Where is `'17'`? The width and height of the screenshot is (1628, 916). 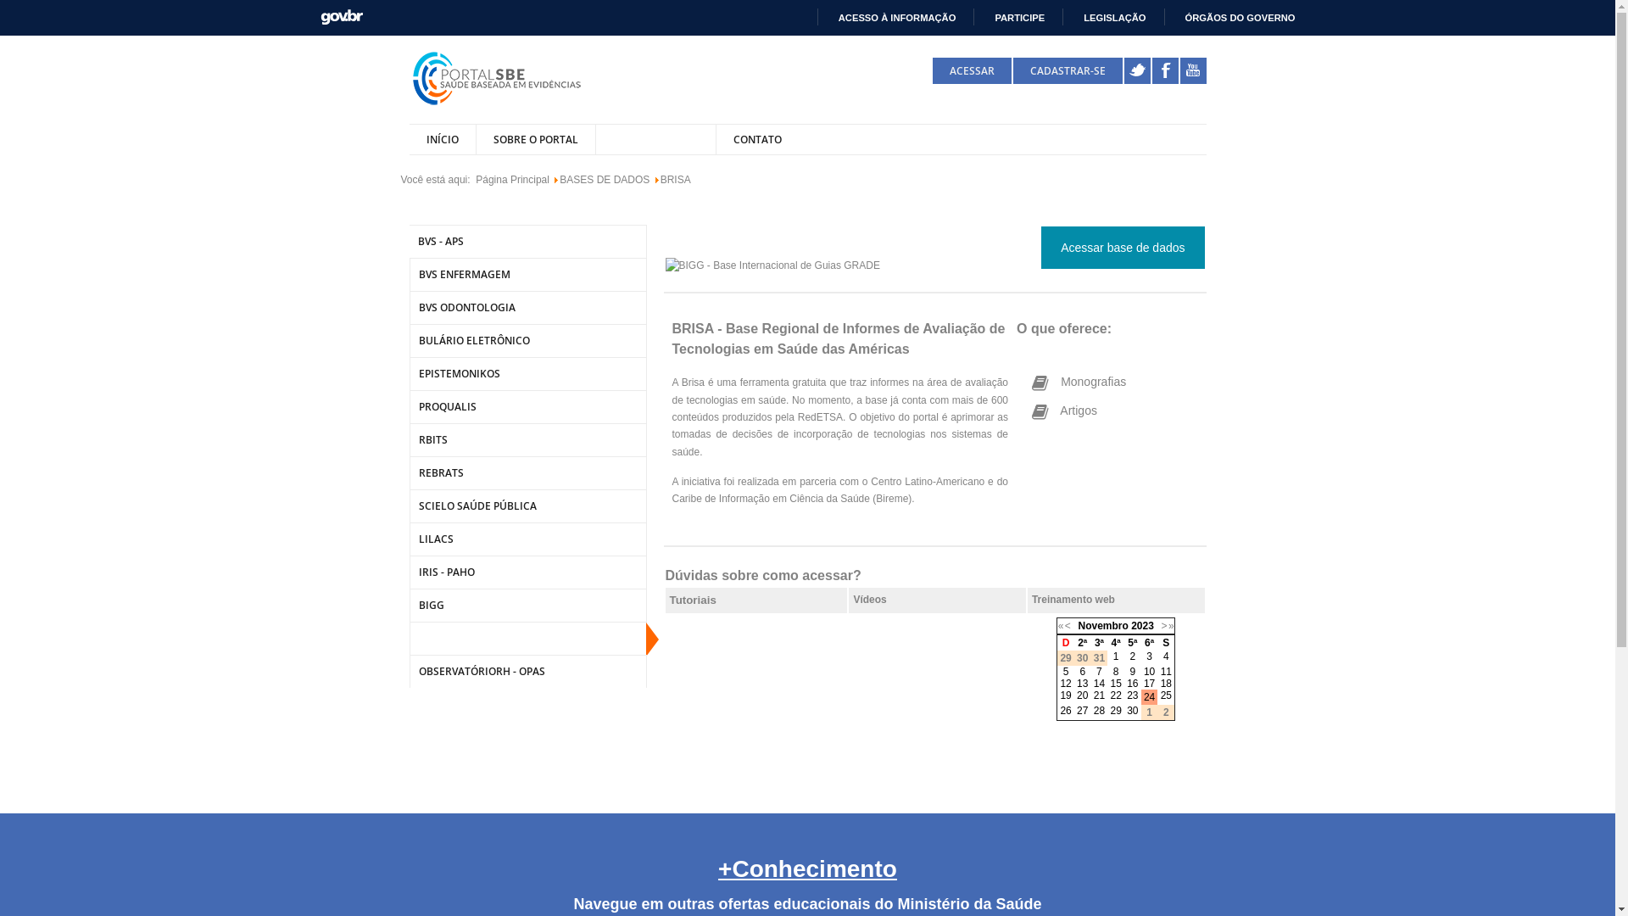 '17' is located at coordinates (1143, 683).